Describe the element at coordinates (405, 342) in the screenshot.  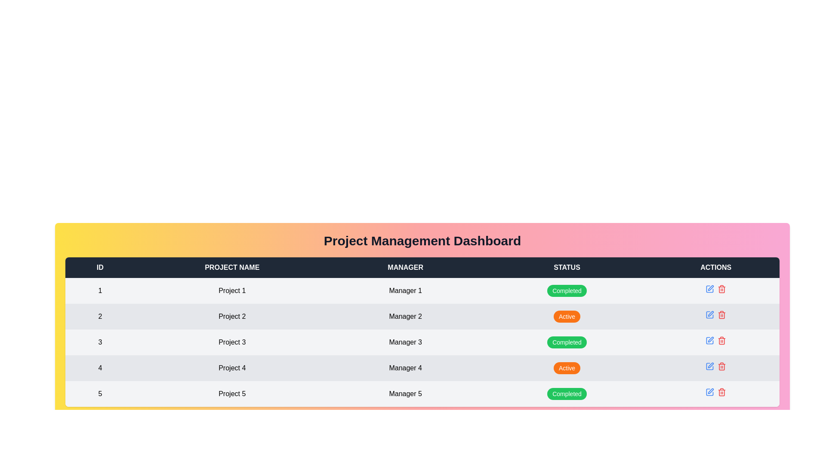
I see `text content from the 'Manager' column in the third row of the table, which displays manager information for 'Project 3'` at that location.